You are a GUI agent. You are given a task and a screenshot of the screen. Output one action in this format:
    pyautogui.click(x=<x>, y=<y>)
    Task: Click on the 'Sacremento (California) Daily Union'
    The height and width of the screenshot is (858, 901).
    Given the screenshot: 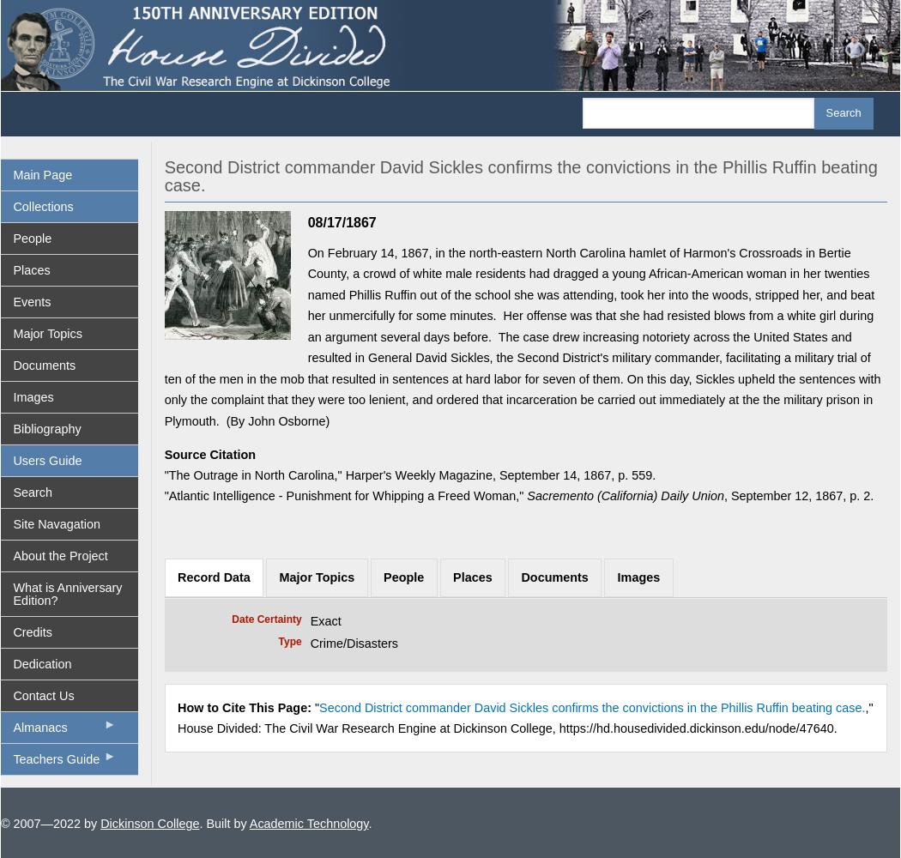 What is the action you would take?
    pyautogui.click(x=624, y=495)
    